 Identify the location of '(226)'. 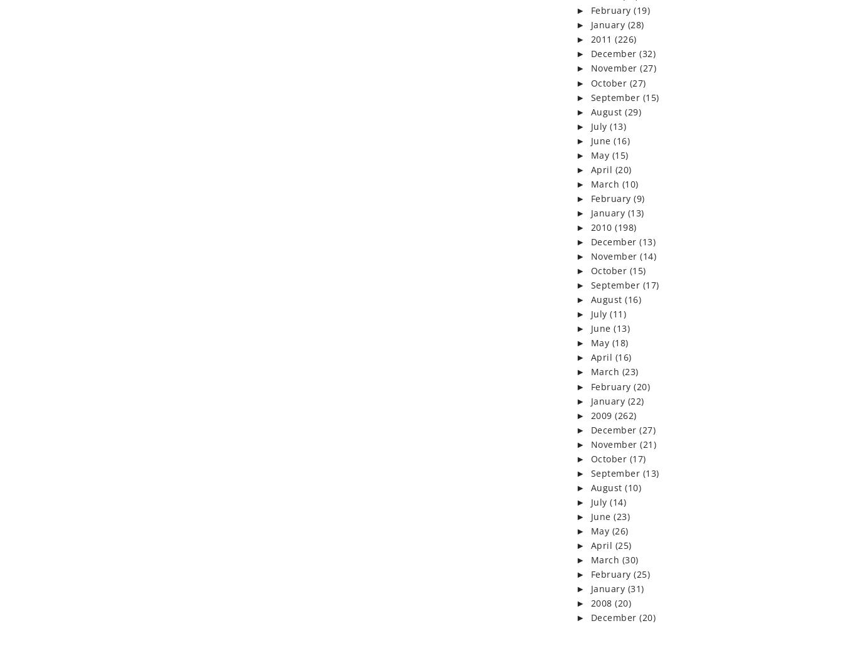
(625, 38).